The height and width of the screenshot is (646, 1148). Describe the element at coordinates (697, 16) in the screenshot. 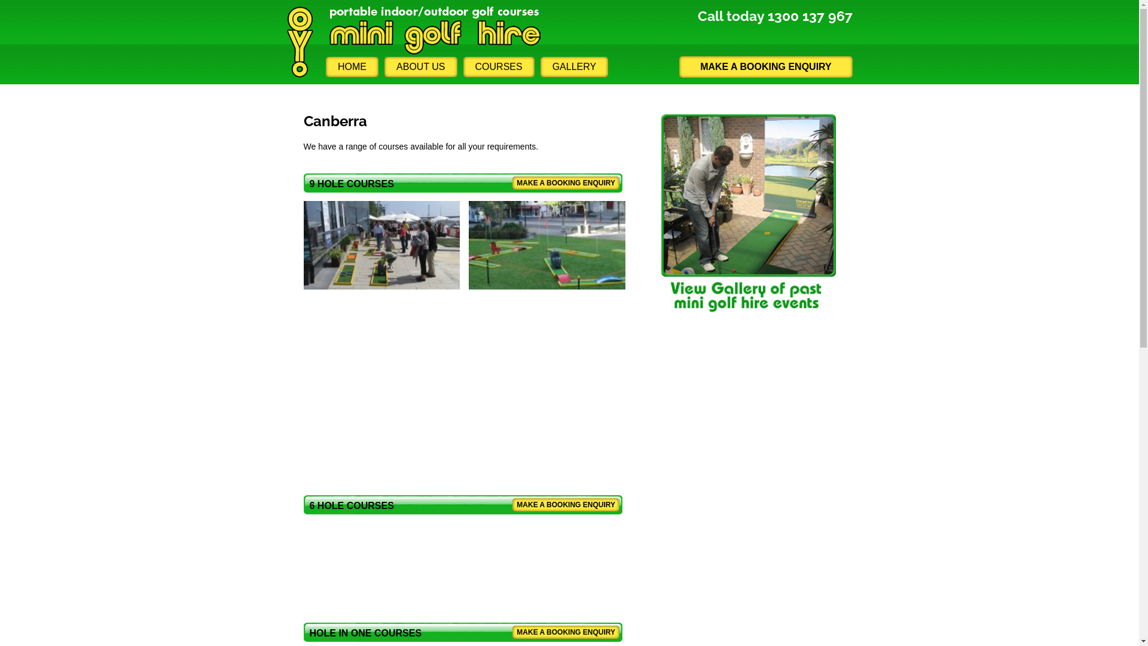

I see `'Call today 1300 137 967'` at that location.